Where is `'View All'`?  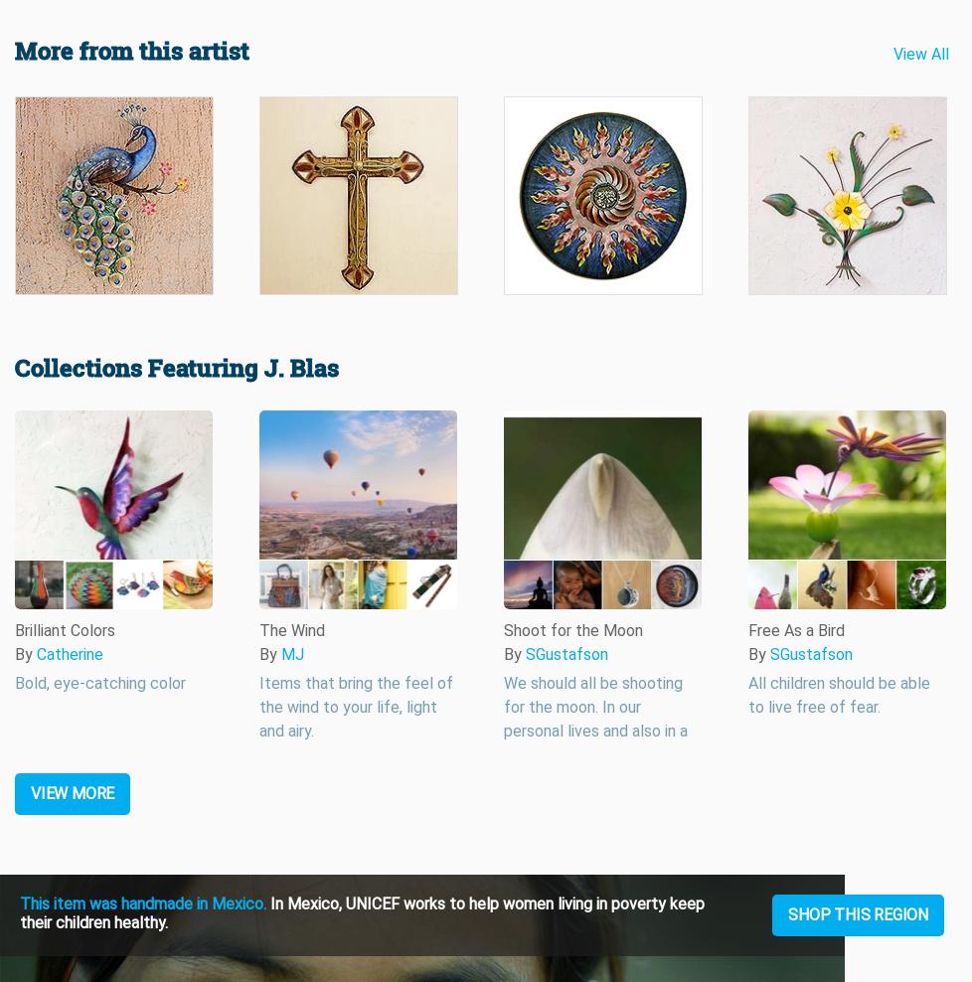
'View All' is located at coordinates (920, 53).